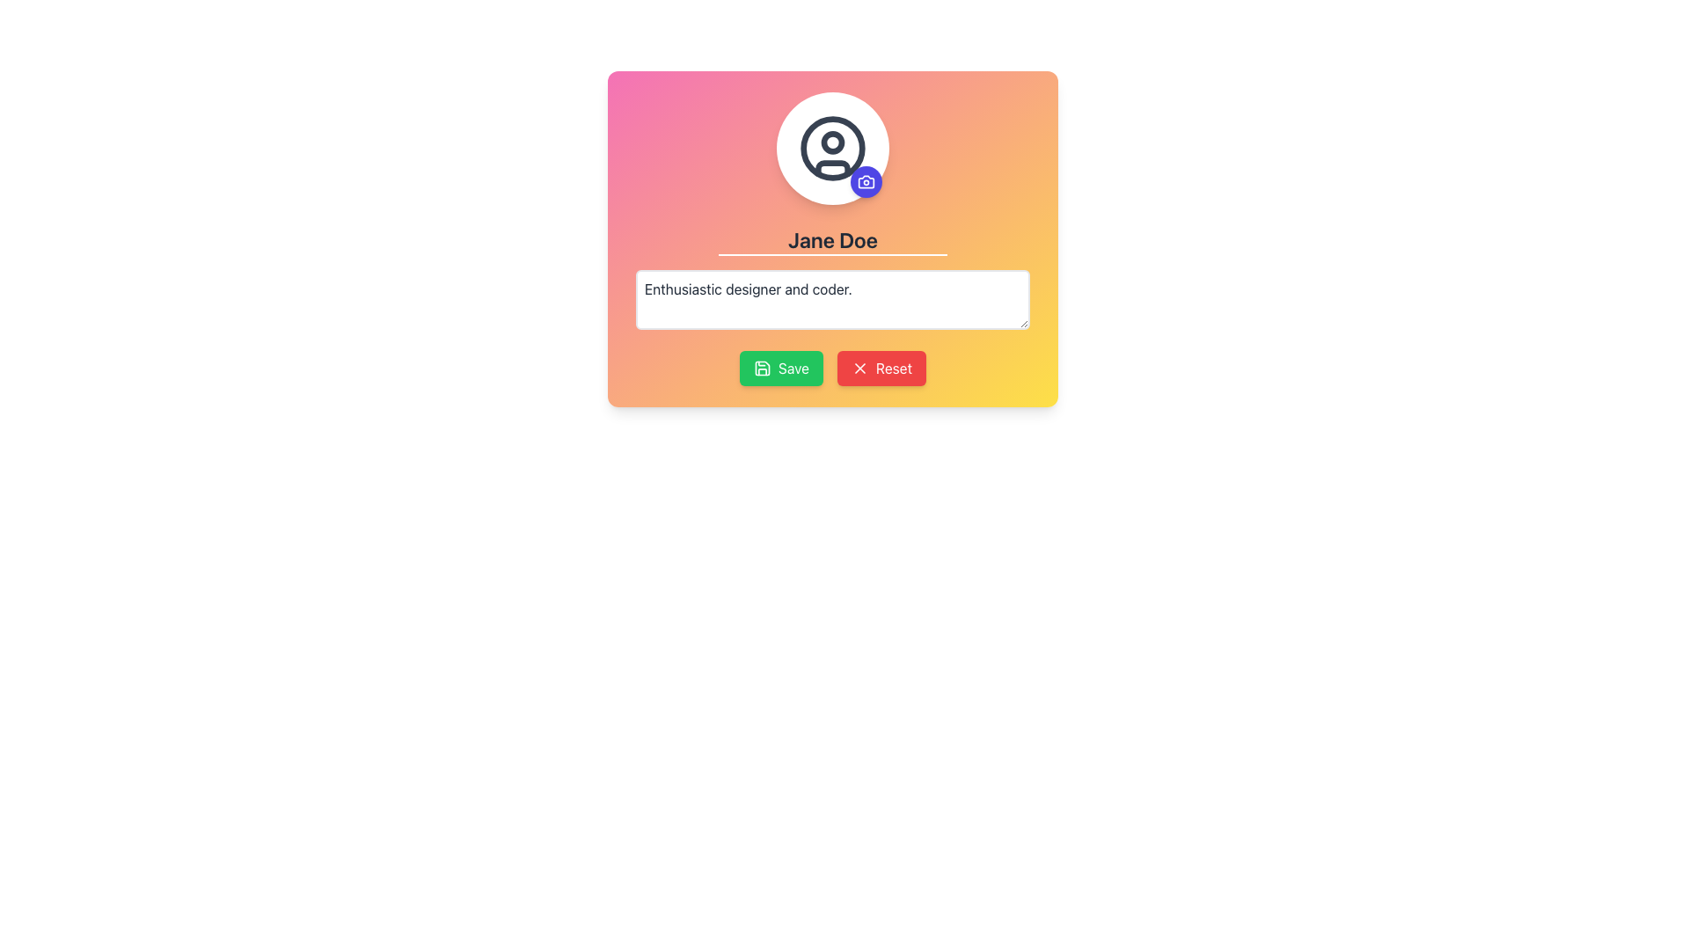 The image size is (1689, 950). What do you see at coordinates (881, 368) in the screenshot?
I see `the rectangular red 'Reset' button with white text and a white 'X' icon, located below a text input field and to the right of the green 'Save' button, to reset the form` at bounding box center [881, 368].